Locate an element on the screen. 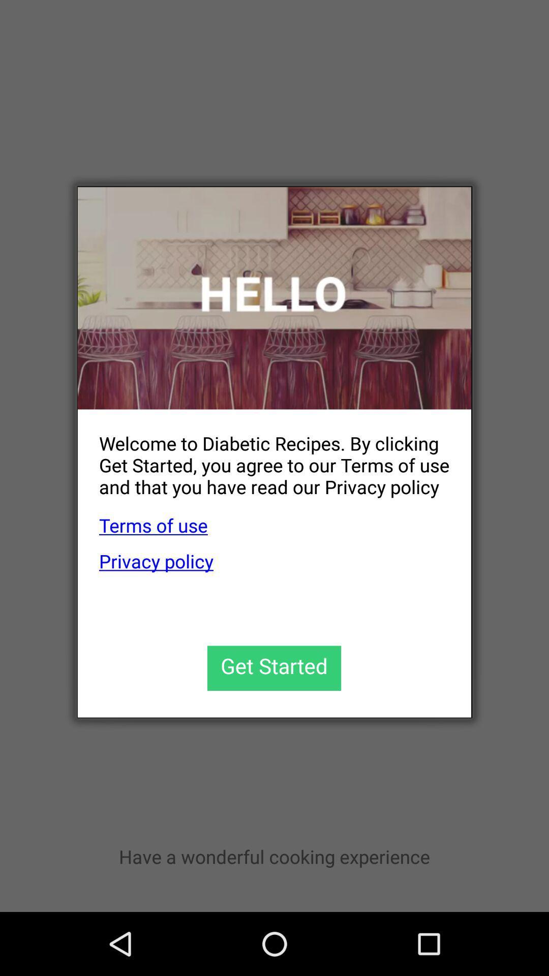 The image size is (549, 976). start is located at coordinates (273, 668).